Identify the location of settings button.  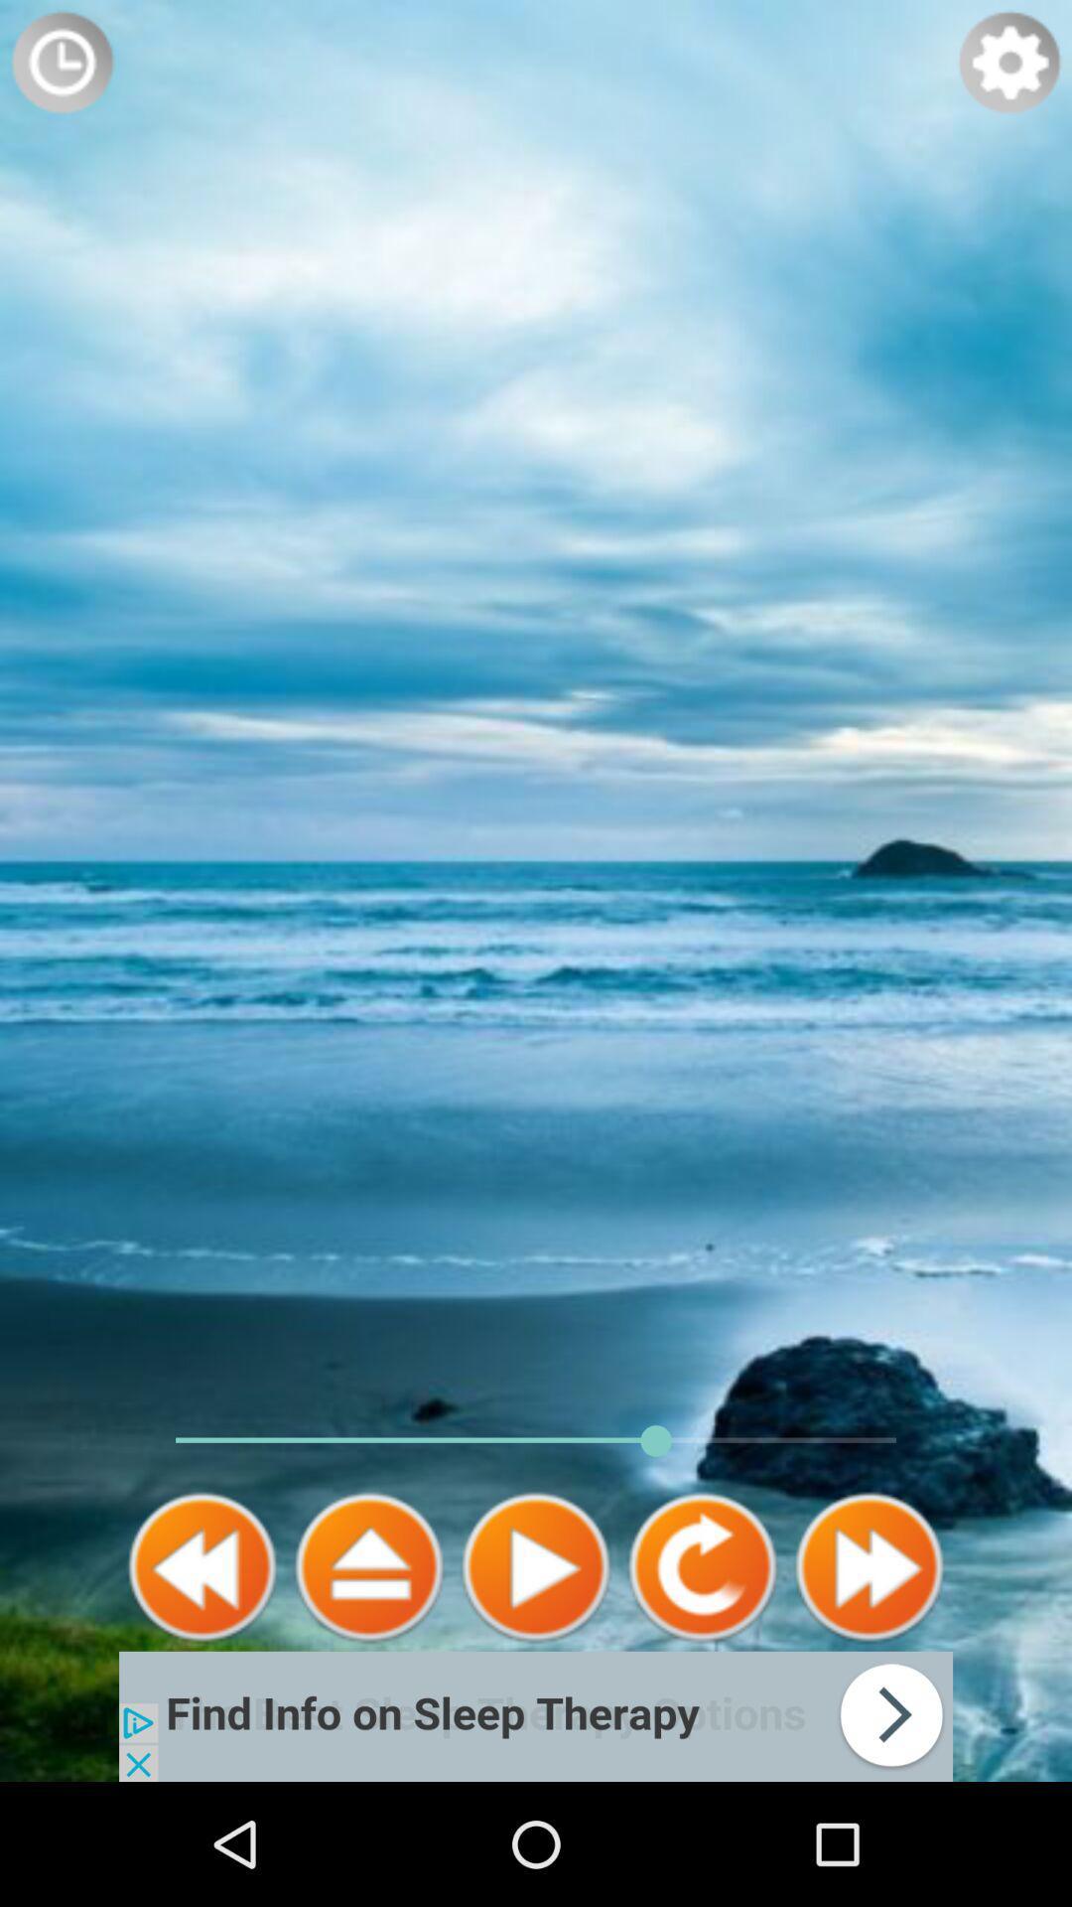
(1009, 62).